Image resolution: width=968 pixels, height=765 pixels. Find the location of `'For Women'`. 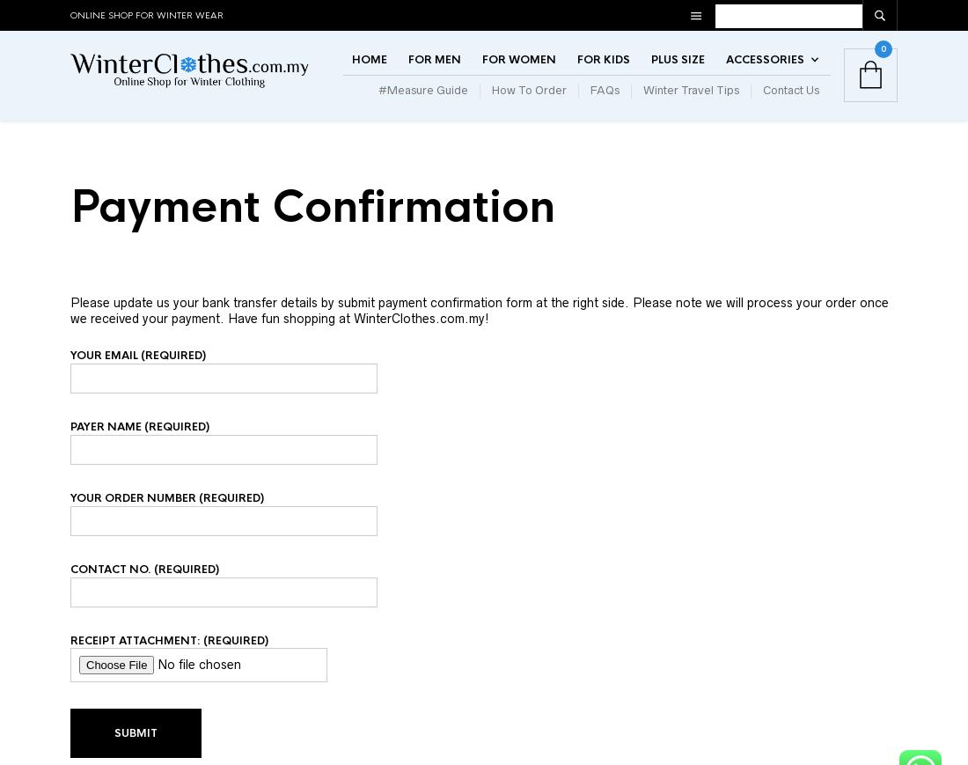

'For Women' is located at coordinates (518, 75).